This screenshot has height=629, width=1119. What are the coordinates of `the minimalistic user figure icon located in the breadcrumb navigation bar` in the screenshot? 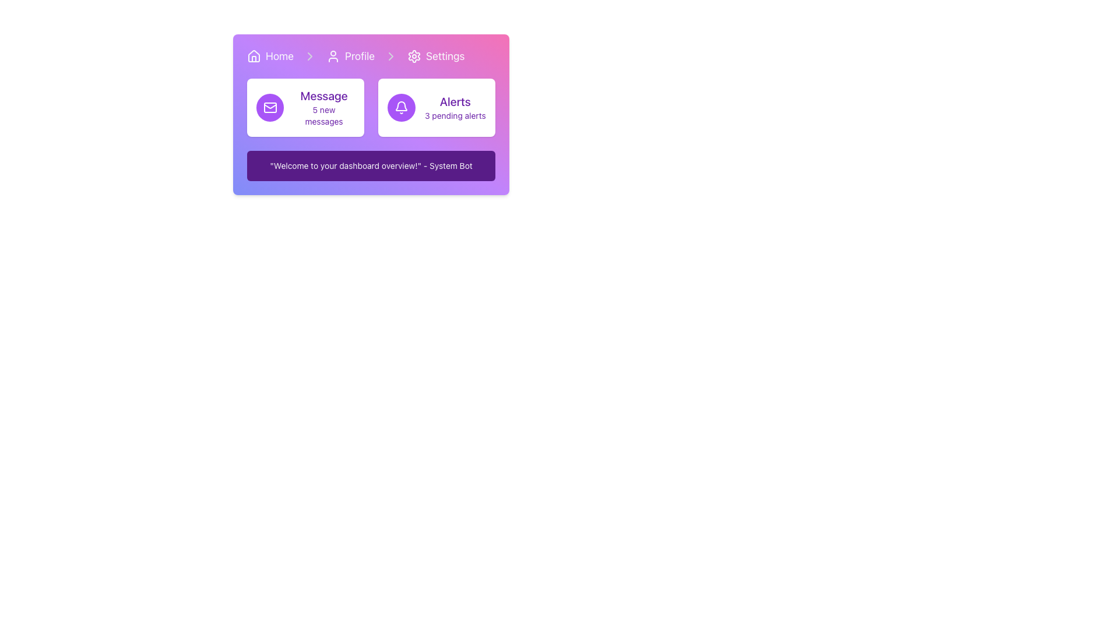 It's located at (332, 56).